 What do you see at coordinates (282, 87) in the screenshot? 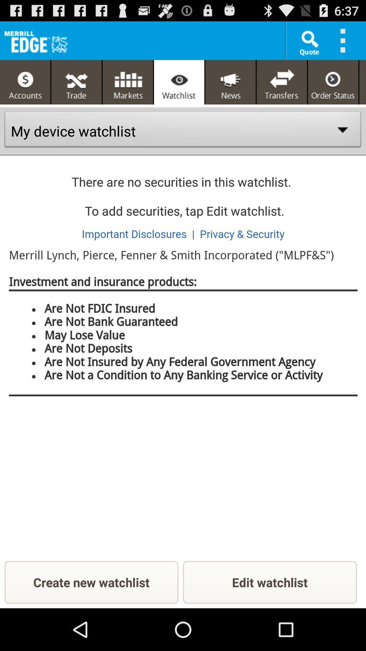
I see `the compare icon` at bounding box center [282, 87].